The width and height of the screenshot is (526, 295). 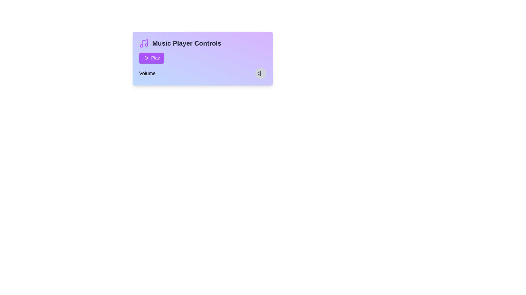 What do you see at coordinates (146, 45) in the screenshot?
I see `the second circle component of the SVG music icon, which is located to the left of the 'Music Player Controls' title` at bounding box center [146, 45].